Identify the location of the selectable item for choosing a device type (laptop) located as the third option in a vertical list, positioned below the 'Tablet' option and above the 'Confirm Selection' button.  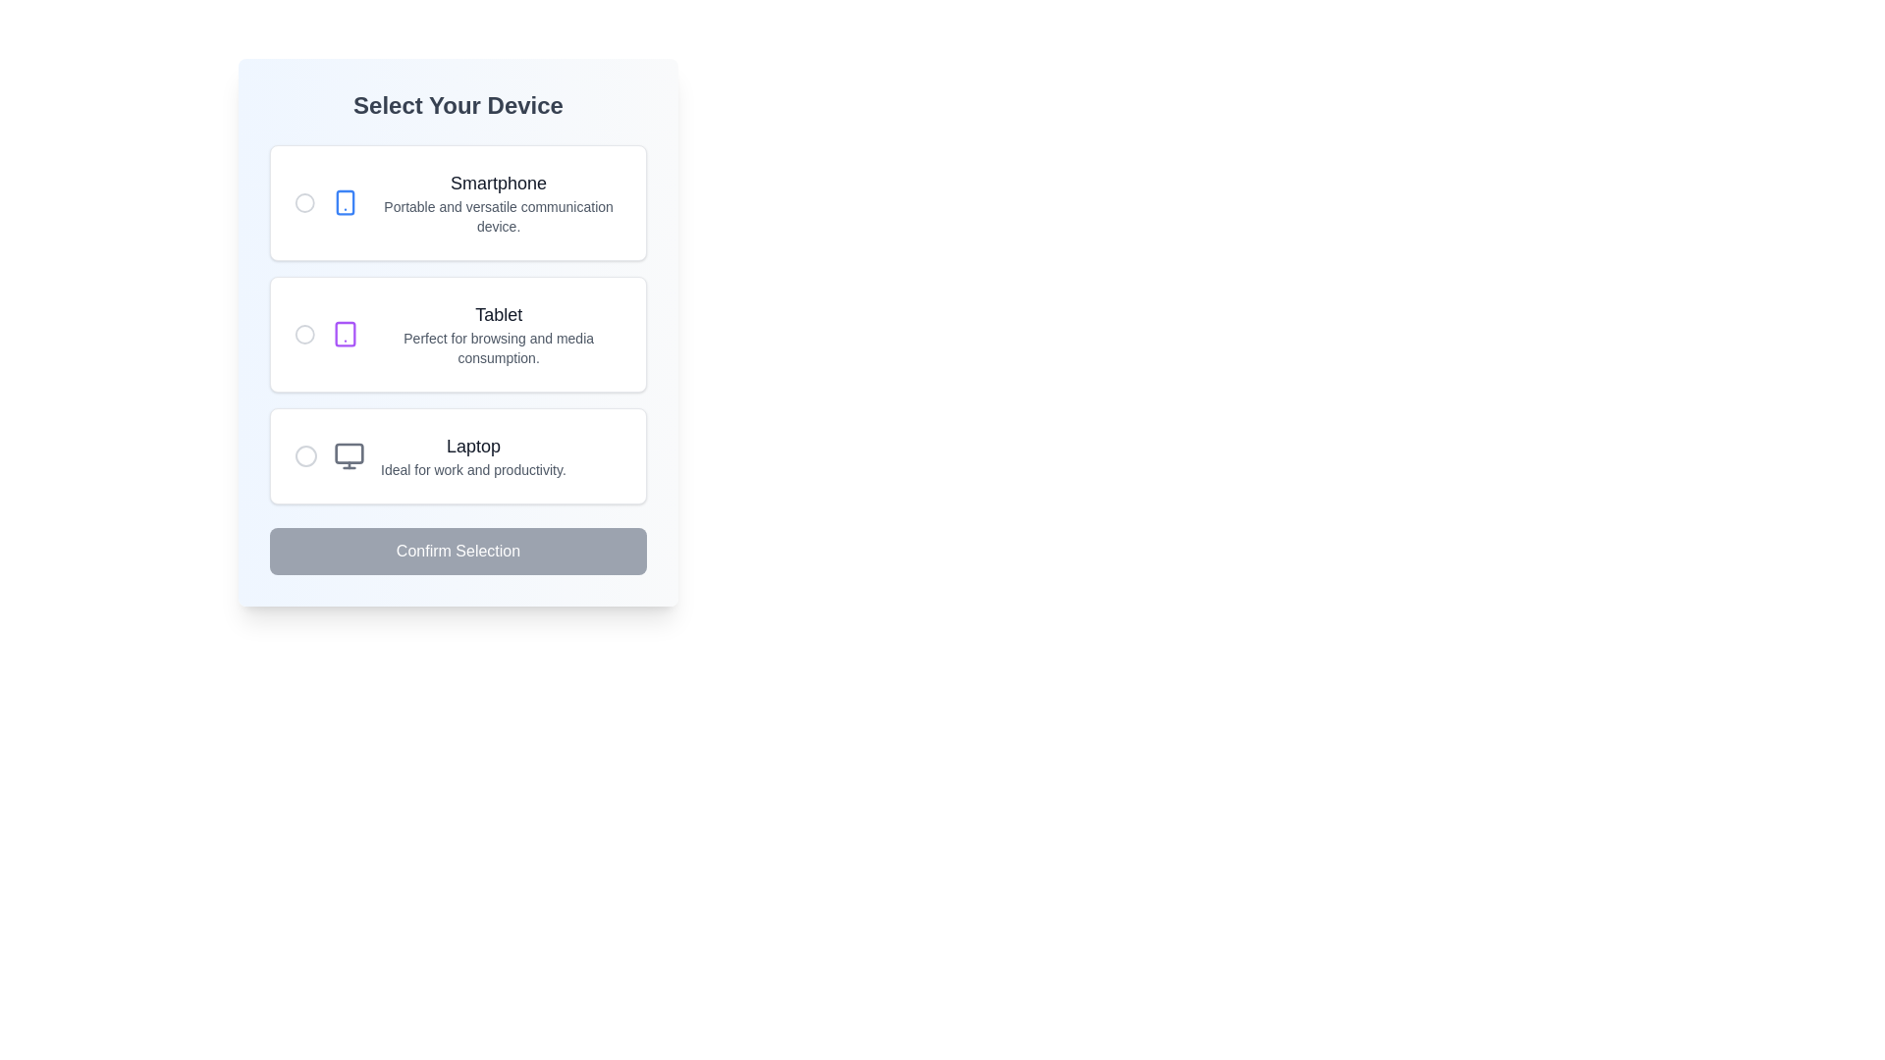
(449, 456).